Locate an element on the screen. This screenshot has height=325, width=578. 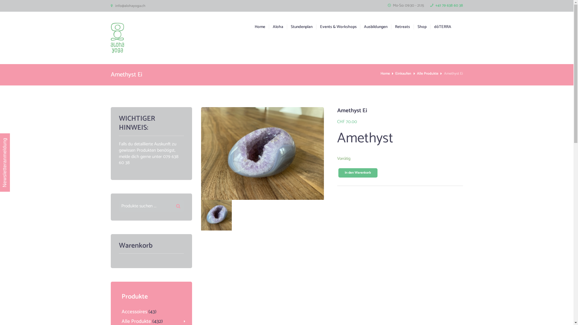
'In den Warenkorb' is located at coordinates (358, 173).